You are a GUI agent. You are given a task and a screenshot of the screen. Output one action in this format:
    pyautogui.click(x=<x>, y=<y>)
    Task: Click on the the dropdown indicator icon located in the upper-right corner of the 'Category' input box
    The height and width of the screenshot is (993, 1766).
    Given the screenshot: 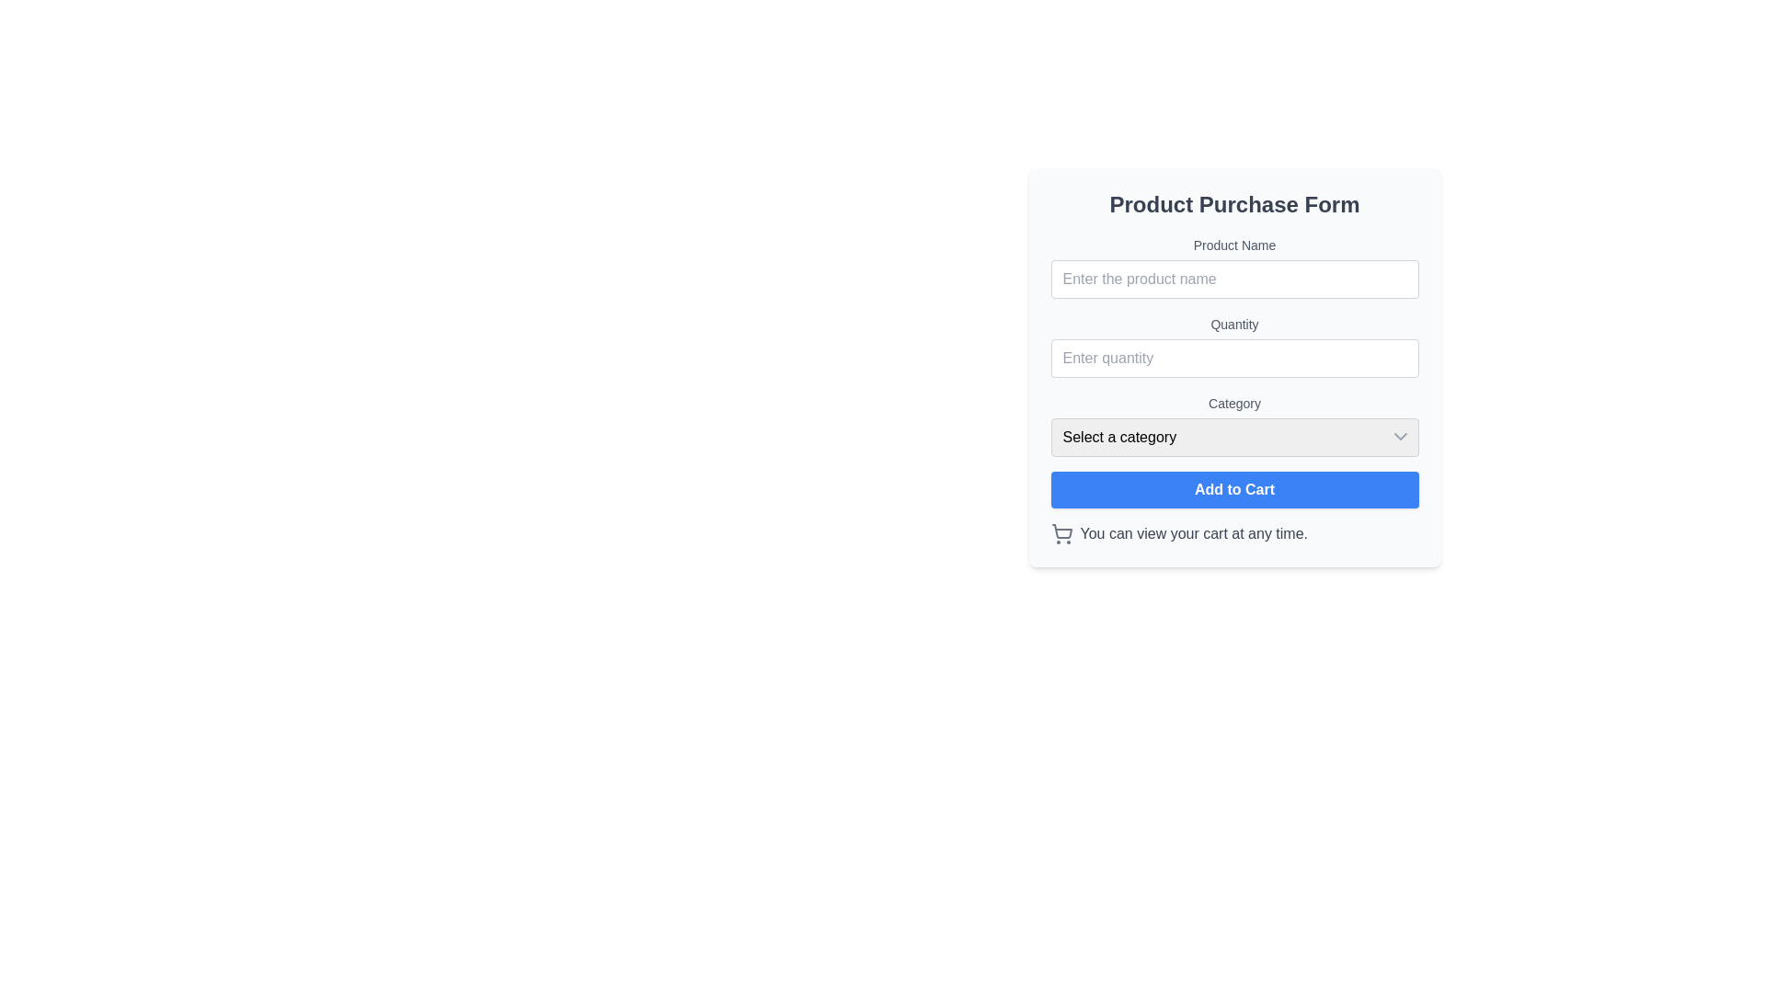 What is the action you would take?
    pyautogui.click(x=1399, y=436)
    